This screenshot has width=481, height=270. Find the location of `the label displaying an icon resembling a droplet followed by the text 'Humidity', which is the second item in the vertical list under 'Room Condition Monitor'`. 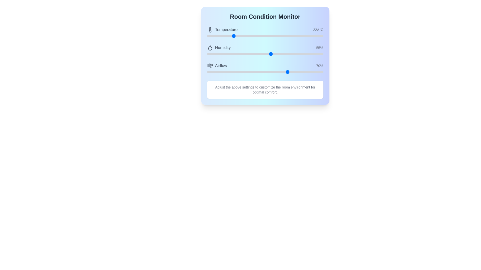

the label displaying an icon resembling a droplet followed by the text 'Humidity', which is the second item in the vertical list under 'Room Condition Monitor' is located at coordinates (219, 48).